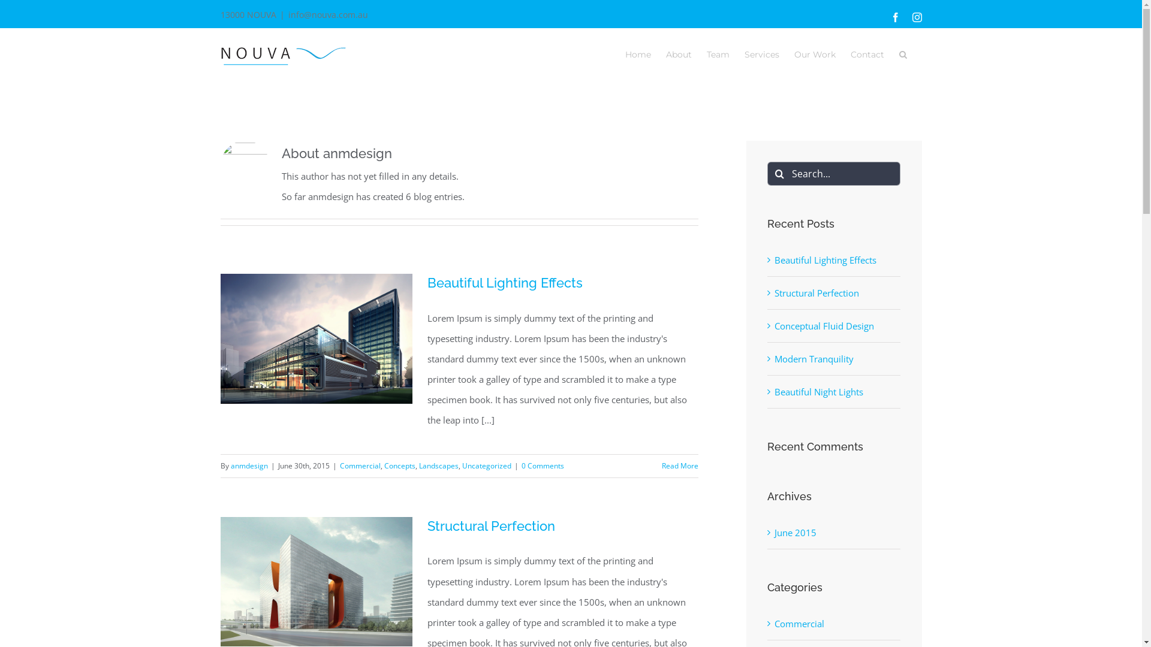  What do you see at coordinates (795, 531) in the screenshot?
I see `'June 2015'` at bounding box center [795, 531].